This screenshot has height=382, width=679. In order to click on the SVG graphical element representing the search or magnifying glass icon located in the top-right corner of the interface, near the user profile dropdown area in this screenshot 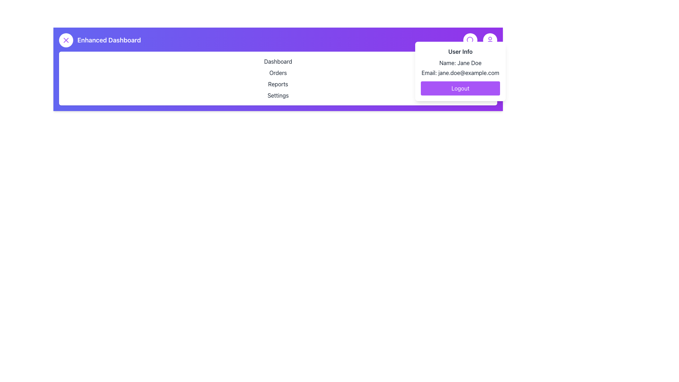, I will do `click(470, 40)`.